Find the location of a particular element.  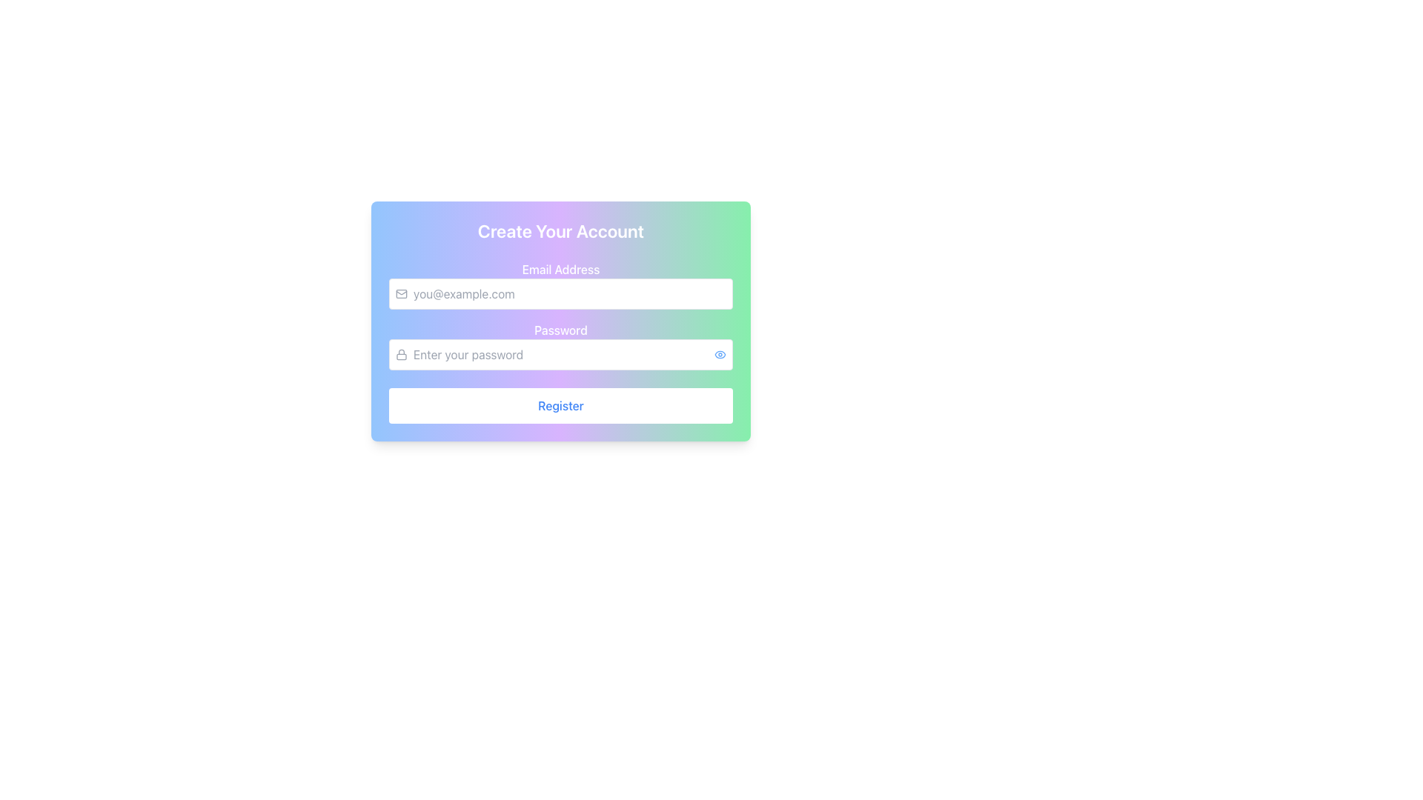

the eye icon represented as a hollow elongated shape with a smaller circle inside, located just to the right of the password input field in the user registration form is located at coordinates (720, 354).